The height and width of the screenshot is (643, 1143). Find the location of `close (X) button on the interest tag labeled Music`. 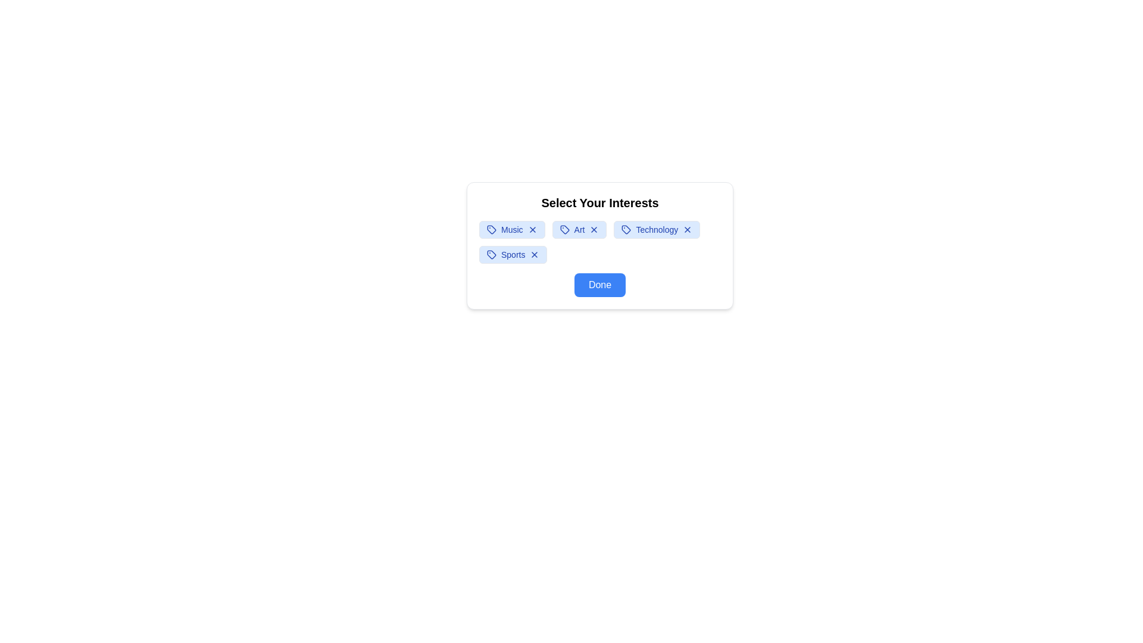

close (X) button on the interest tag labeled Music is located at coordinates (532, 229).